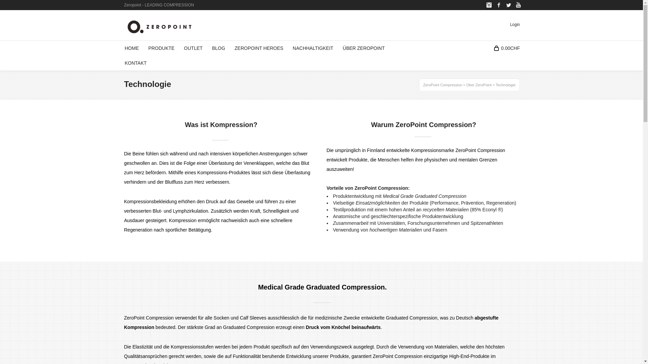 The width and height of the screenshot is (648, 364). I want to click on 'Facebook', so click(494, 5).